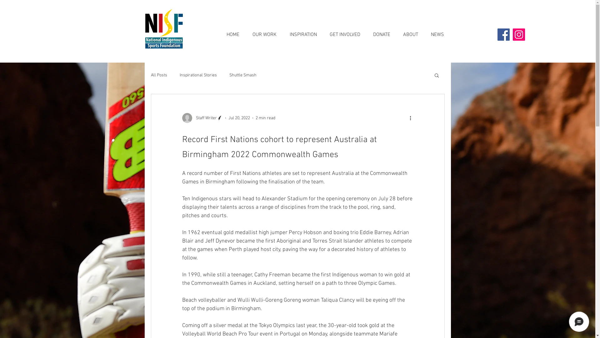  I want to click on 'OUR WORK', so click(264, 32).